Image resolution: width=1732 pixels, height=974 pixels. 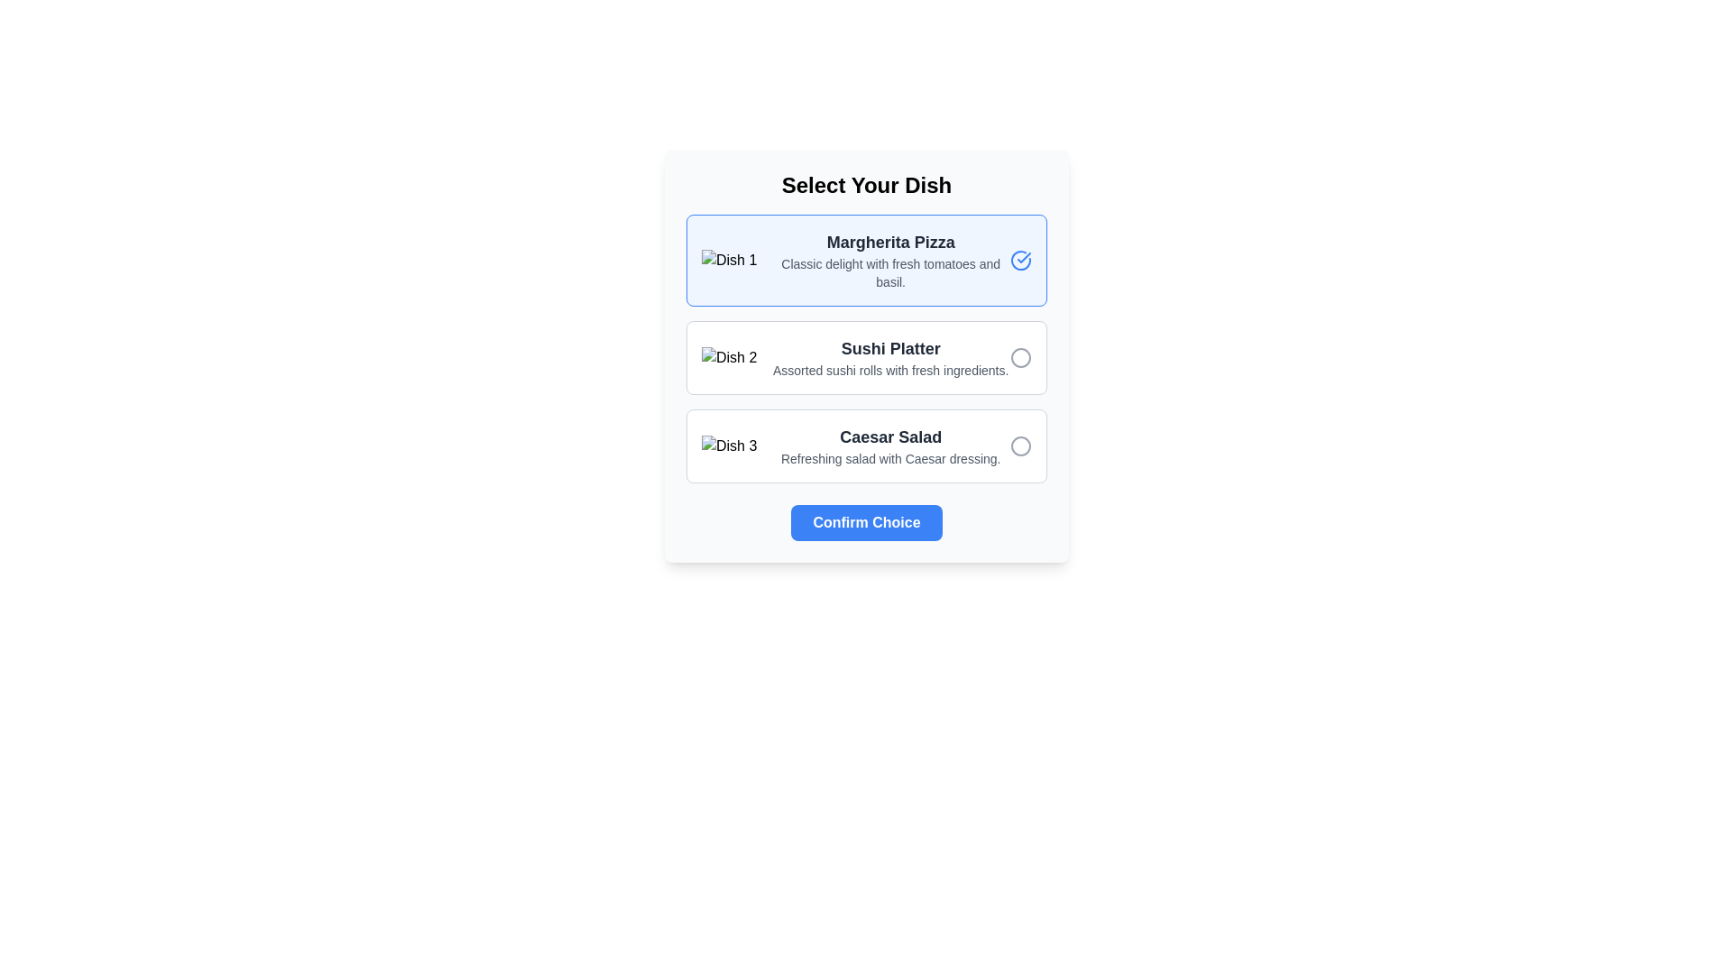 I want to click on the text label that reads 'Classic delight with fresh tomatoes and basil.', which is positioned below the title 'Margherita Pizza' in the first option panel of the list, so click(x=890, y=273).